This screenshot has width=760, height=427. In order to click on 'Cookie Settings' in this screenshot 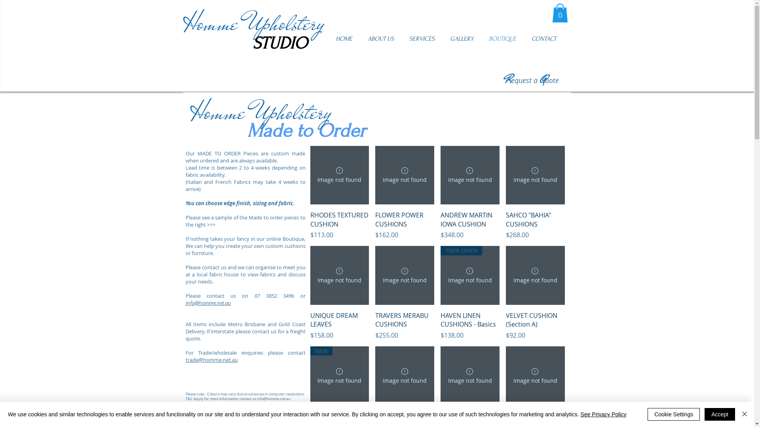, I will do `click(673, 414)`.